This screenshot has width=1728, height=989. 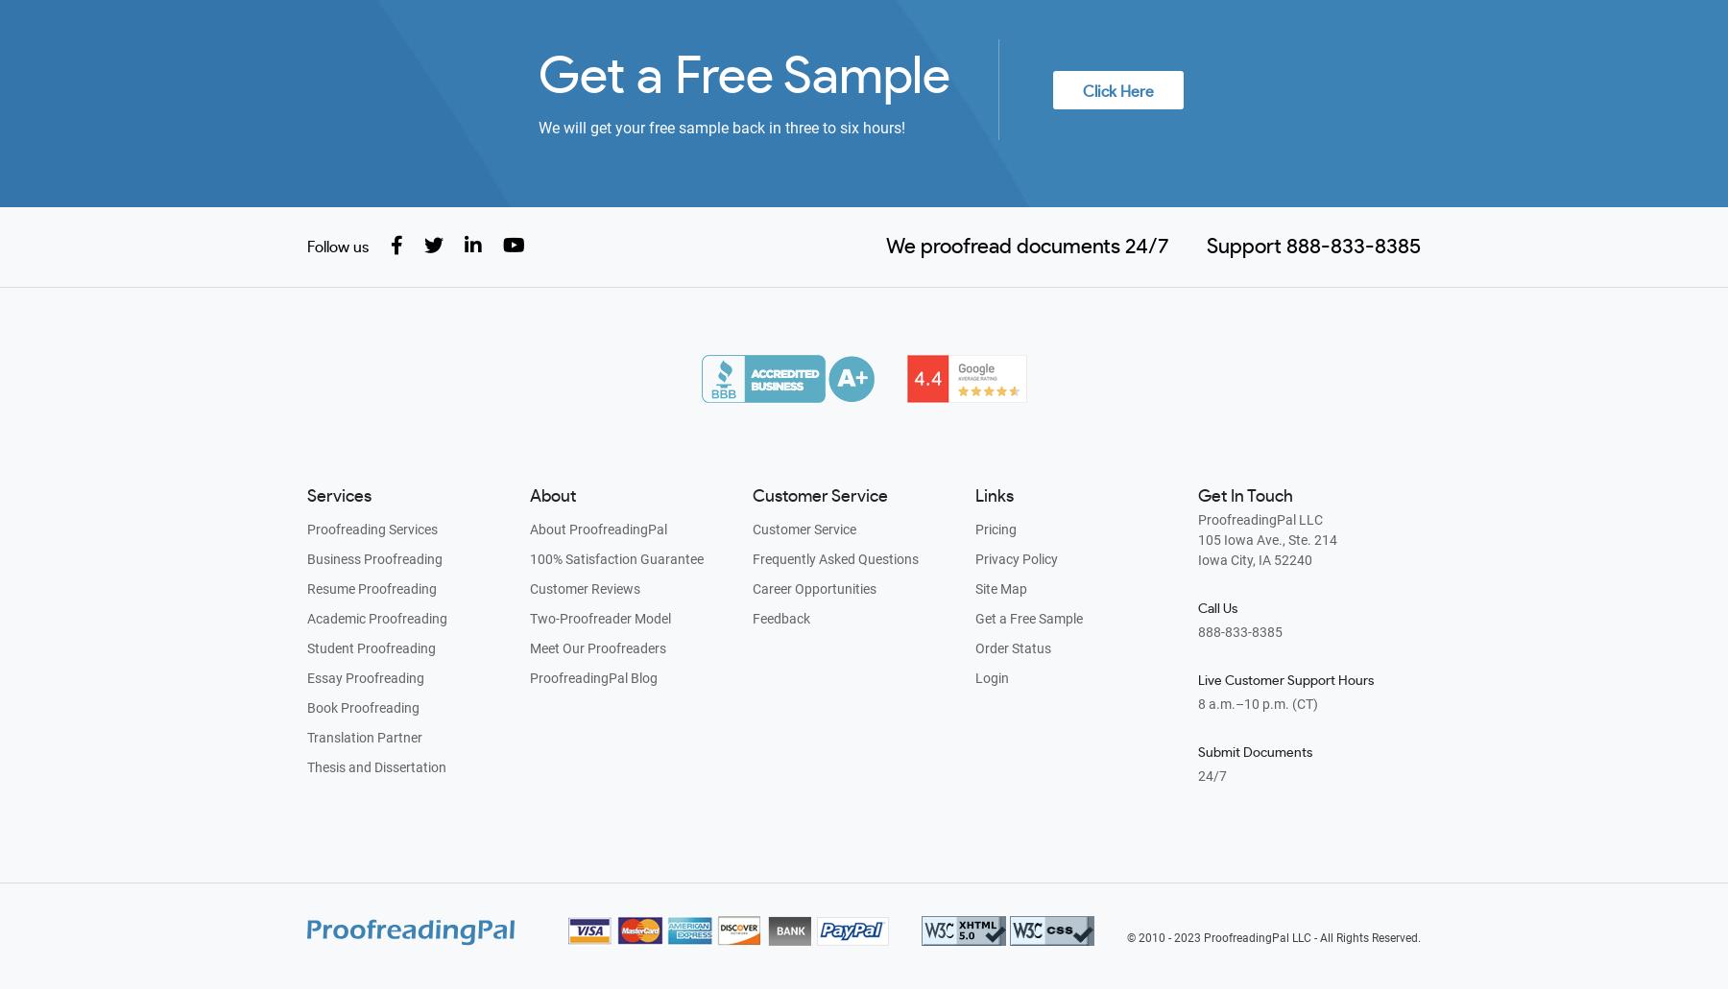 I want to click on 'Order Status', so click(x=974, y=648).